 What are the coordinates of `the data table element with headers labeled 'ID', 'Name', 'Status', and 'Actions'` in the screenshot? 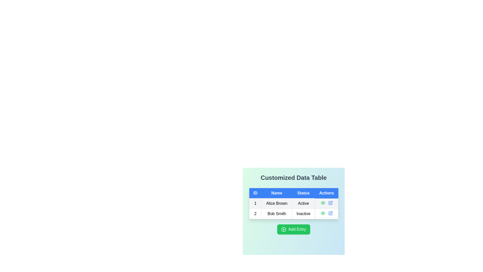 It's located at (294, 203).